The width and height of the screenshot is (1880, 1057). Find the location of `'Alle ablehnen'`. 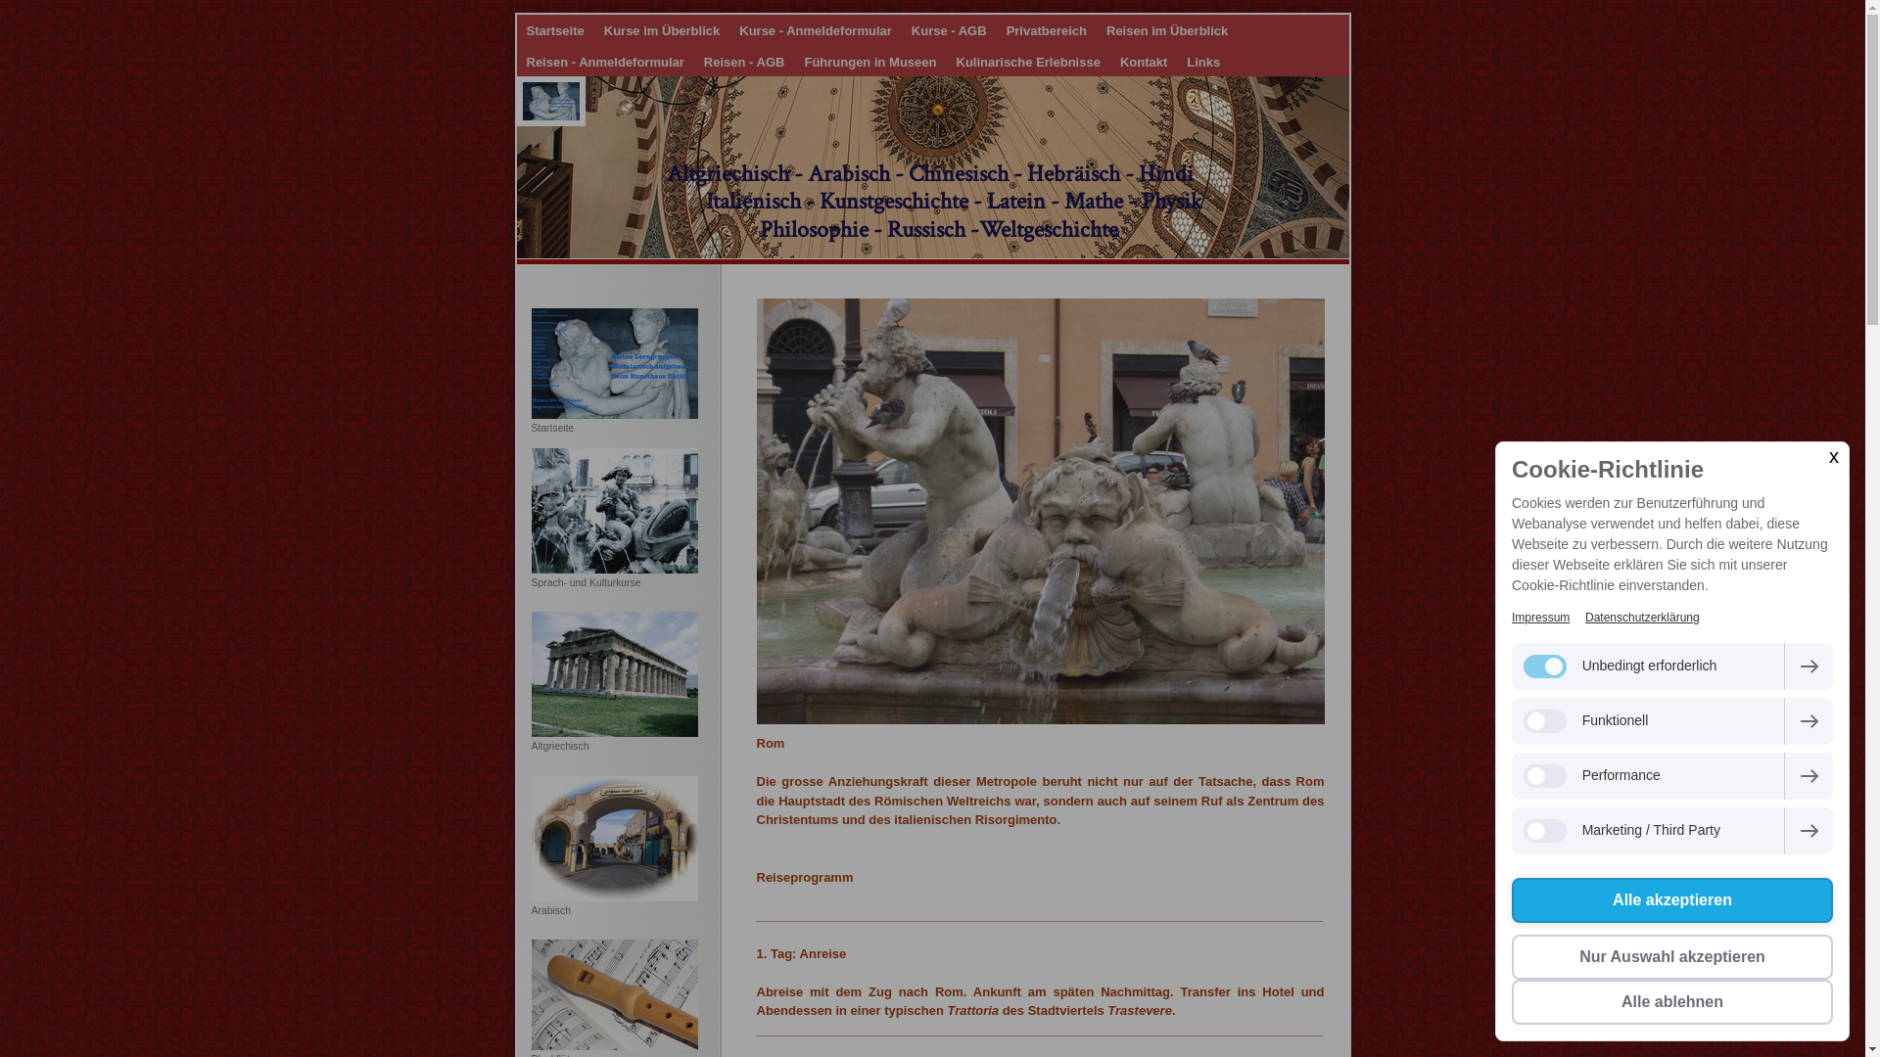

'Alle ablehnen' is located at coordinates (1671, 1001).